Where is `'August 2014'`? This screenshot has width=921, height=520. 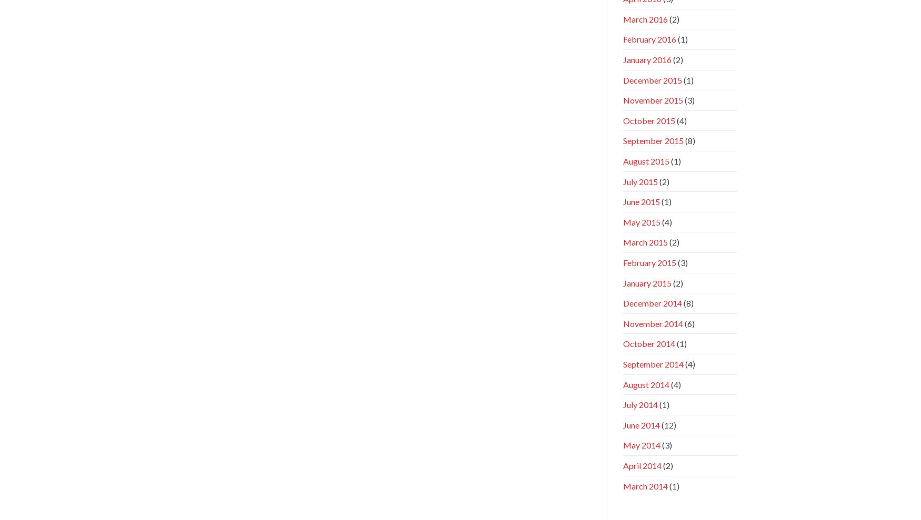
'August 2014' is located at coordinates (645, 384).